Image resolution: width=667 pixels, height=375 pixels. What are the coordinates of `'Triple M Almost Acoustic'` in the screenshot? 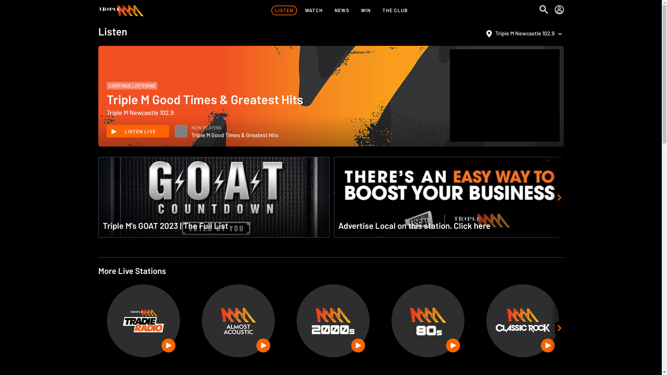 It's located at (238, 321).